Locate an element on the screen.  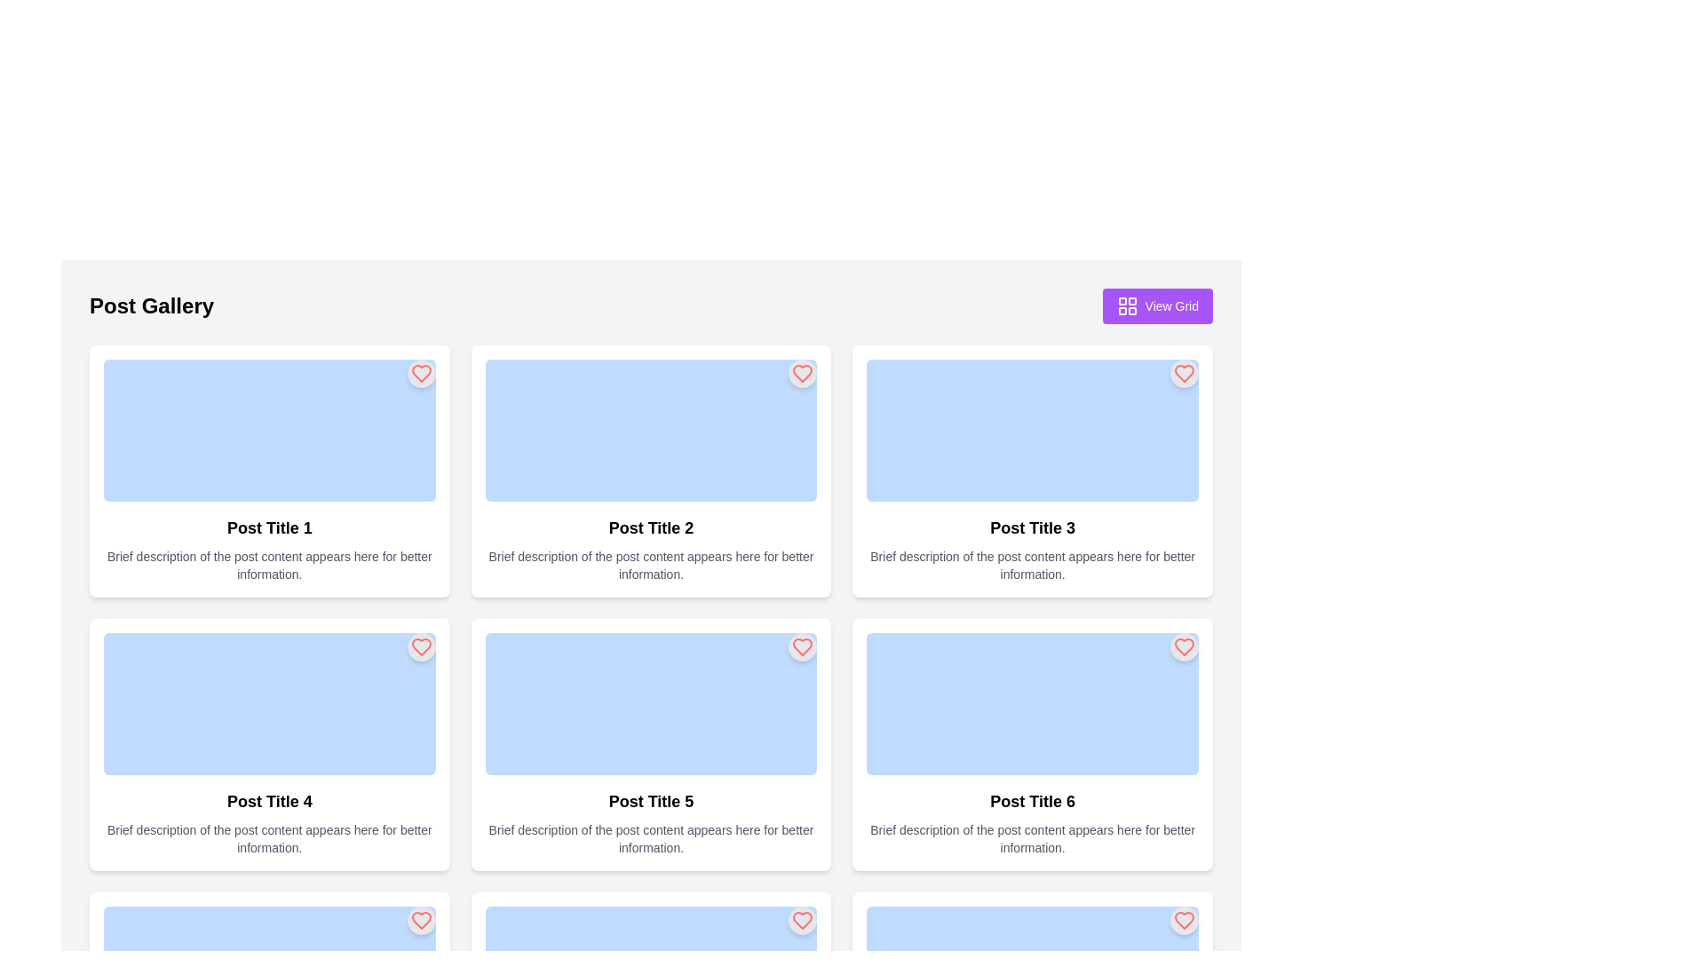
the fifth card in the gallery, which provides a post preview is located at coordinates (650, 745).